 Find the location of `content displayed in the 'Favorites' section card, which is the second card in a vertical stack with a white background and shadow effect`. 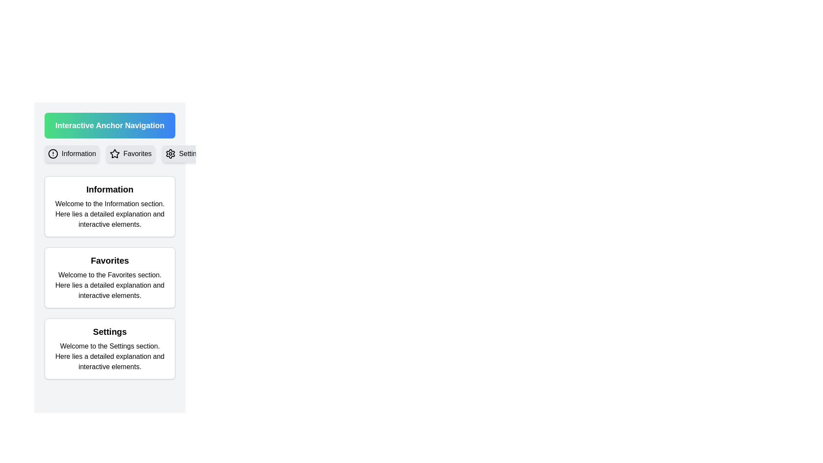

content displayed in the 'Favorites' section card, which is the second card in a vertical stack with a white background and shadow effect is located at coordinates (109, 278).